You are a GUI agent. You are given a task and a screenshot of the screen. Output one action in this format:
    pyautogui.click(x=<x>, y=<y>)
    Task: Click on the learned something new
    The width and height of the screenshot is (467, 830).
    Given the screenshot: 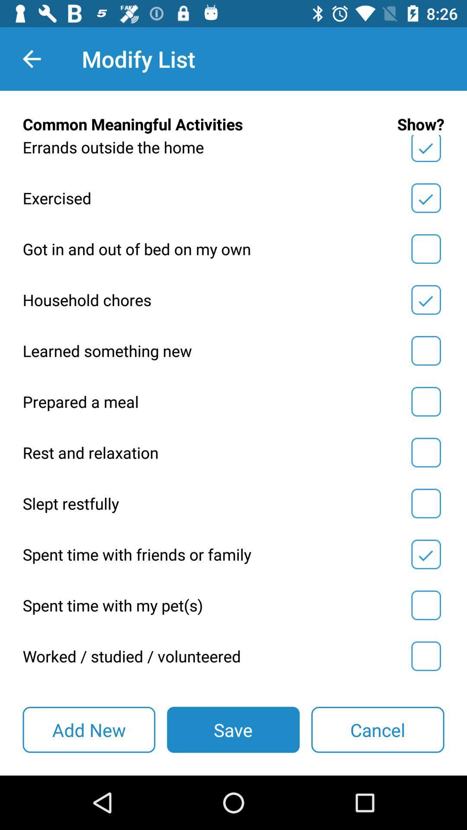 What is the action you would take?
    pyautogui.click(x=425, y=351)
    